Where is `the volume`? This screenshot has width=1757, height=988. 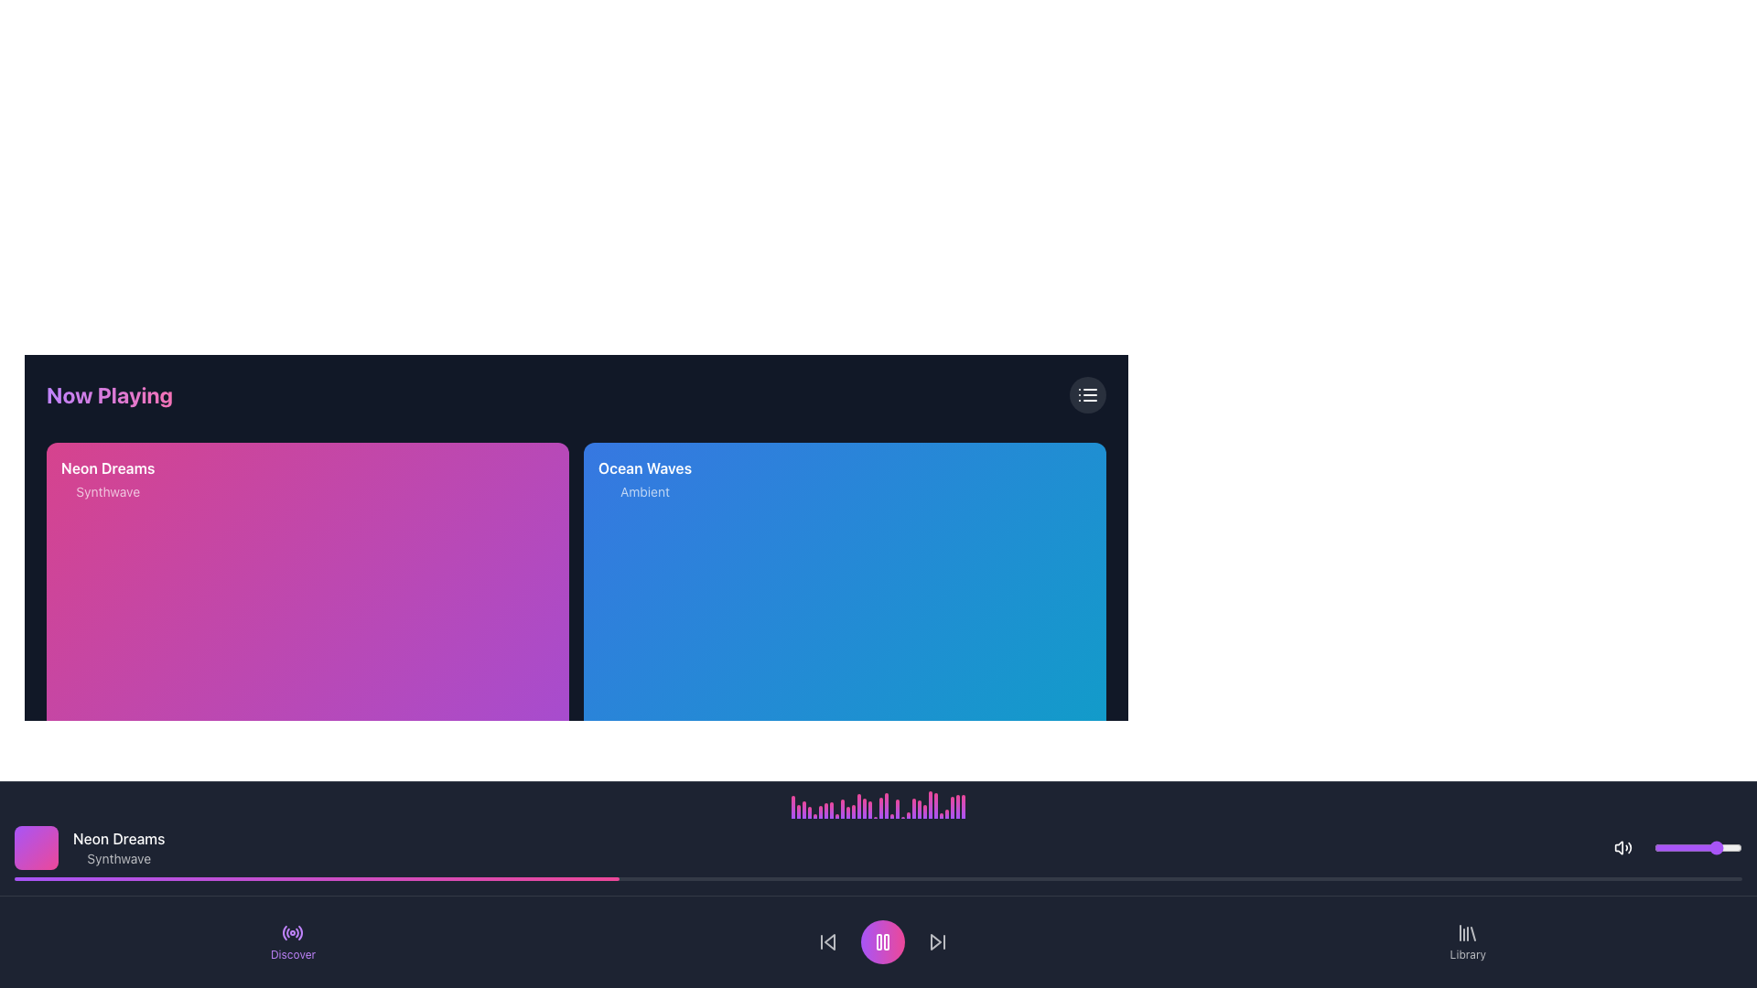
the volume is located at coordinates (1671, 847).